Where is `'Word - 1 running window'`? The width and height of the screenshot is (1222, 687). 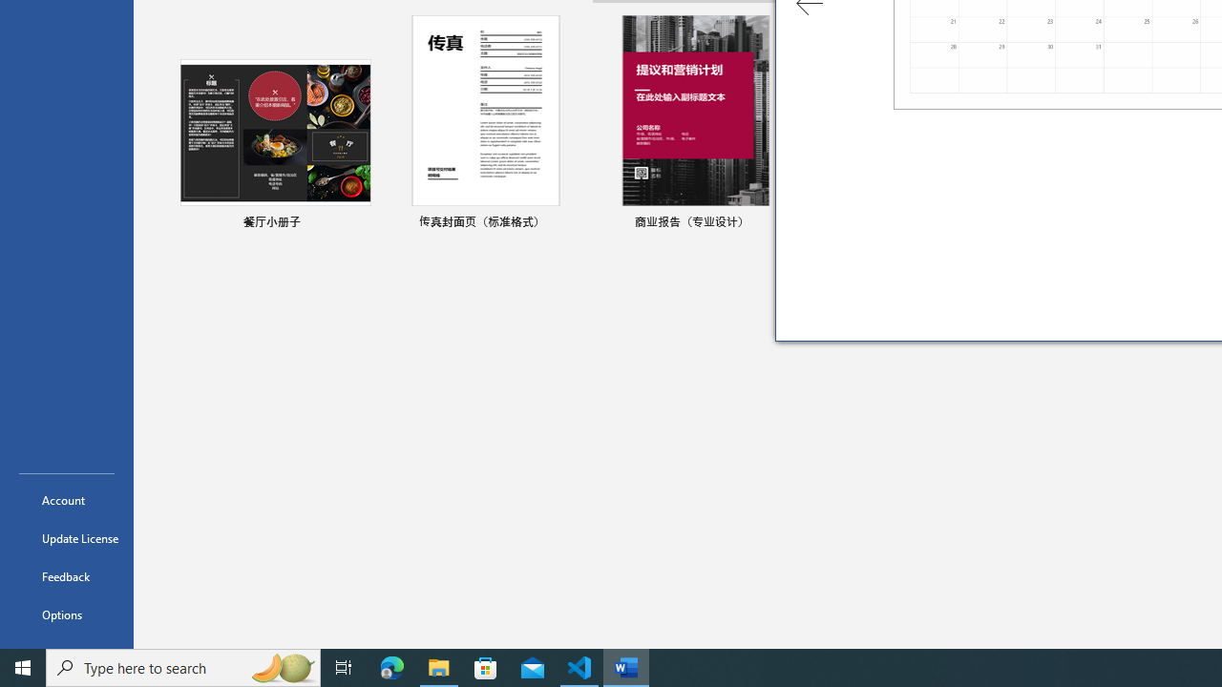
'Word - 1 running window' is located at coordinates (626, 666).